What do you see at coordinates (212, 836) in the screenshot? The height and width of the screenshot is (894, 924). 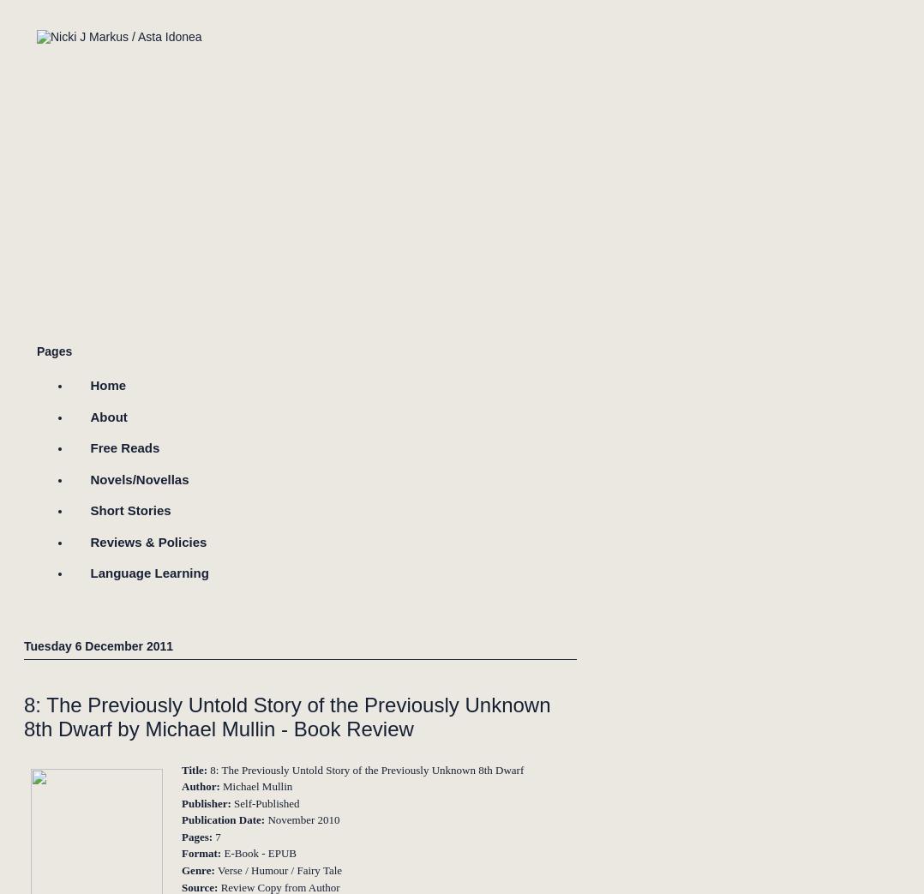 I see `'7'` at bounding box center [212, 836].